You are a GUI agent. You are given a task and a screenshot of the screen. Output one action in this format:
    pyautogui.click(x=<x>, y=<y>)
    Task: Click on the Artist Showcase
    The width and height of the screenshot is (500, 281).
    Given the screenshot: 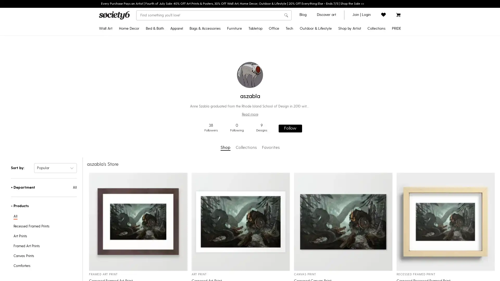 What is the action you would take?
    pyautogui.click(x=335, y=100)
    